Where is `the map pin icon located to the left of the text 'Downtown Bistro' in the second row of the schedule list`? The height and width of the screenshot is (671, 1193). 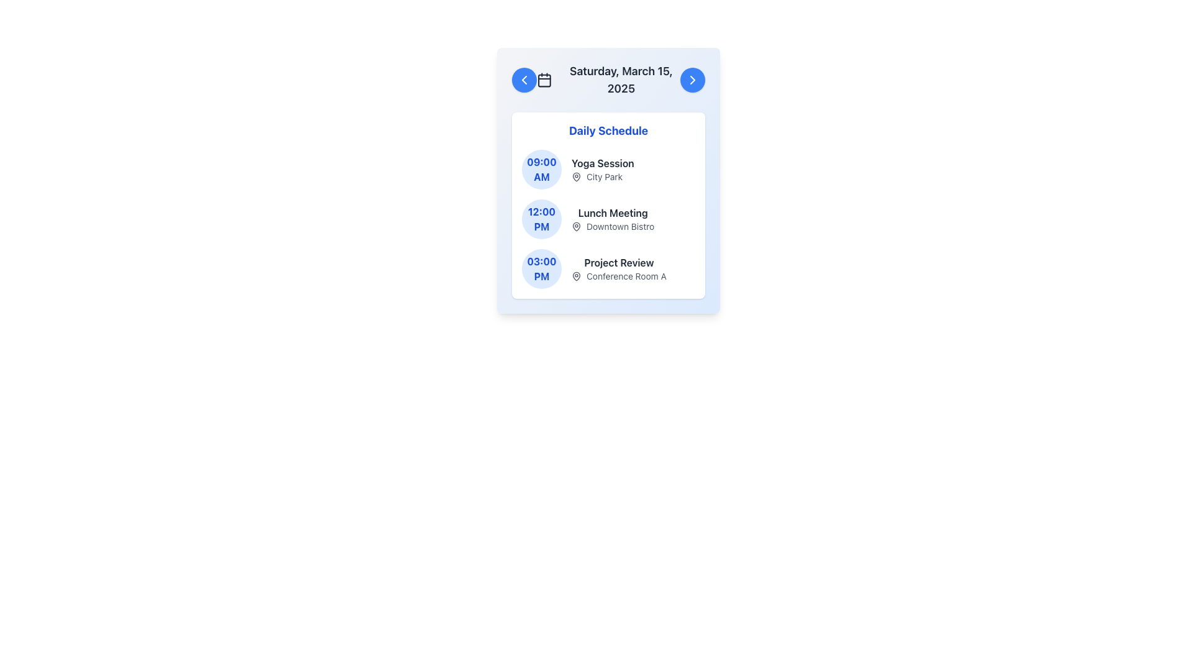
the map pin icon located to the left of the text 'Downtown Bistro' in the second row of the schedule list is located at coordinates (575, 227).